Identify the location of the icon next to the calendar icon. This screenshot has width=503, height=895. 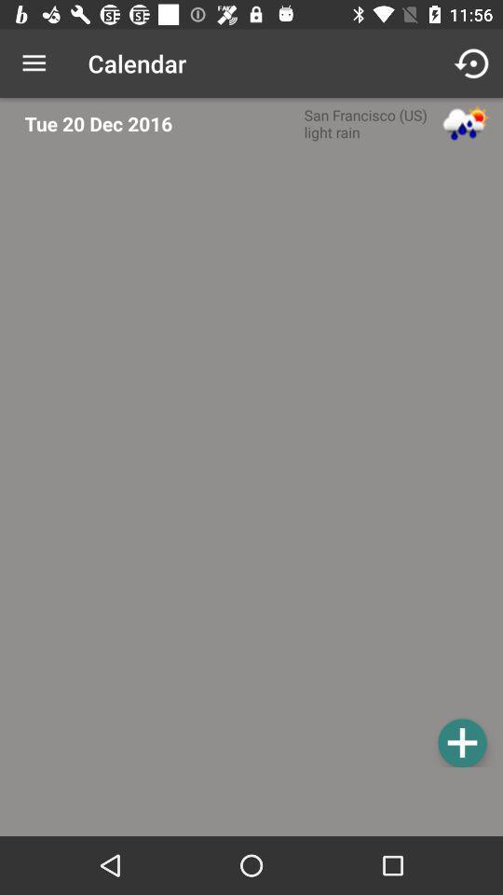
(473, 63).